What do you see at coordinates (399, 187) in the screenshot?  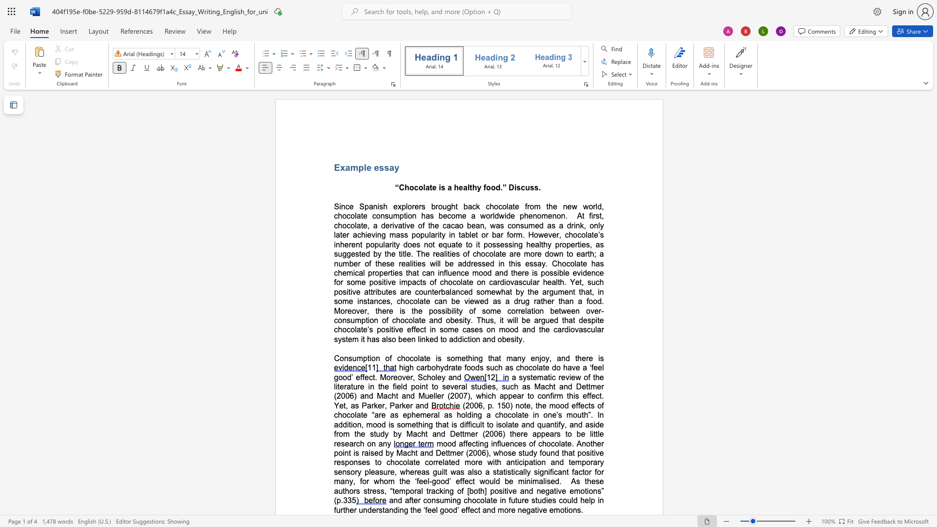 I see `the space between the continuous character "“" and "C" in the text` at bounding box center [399, 187].